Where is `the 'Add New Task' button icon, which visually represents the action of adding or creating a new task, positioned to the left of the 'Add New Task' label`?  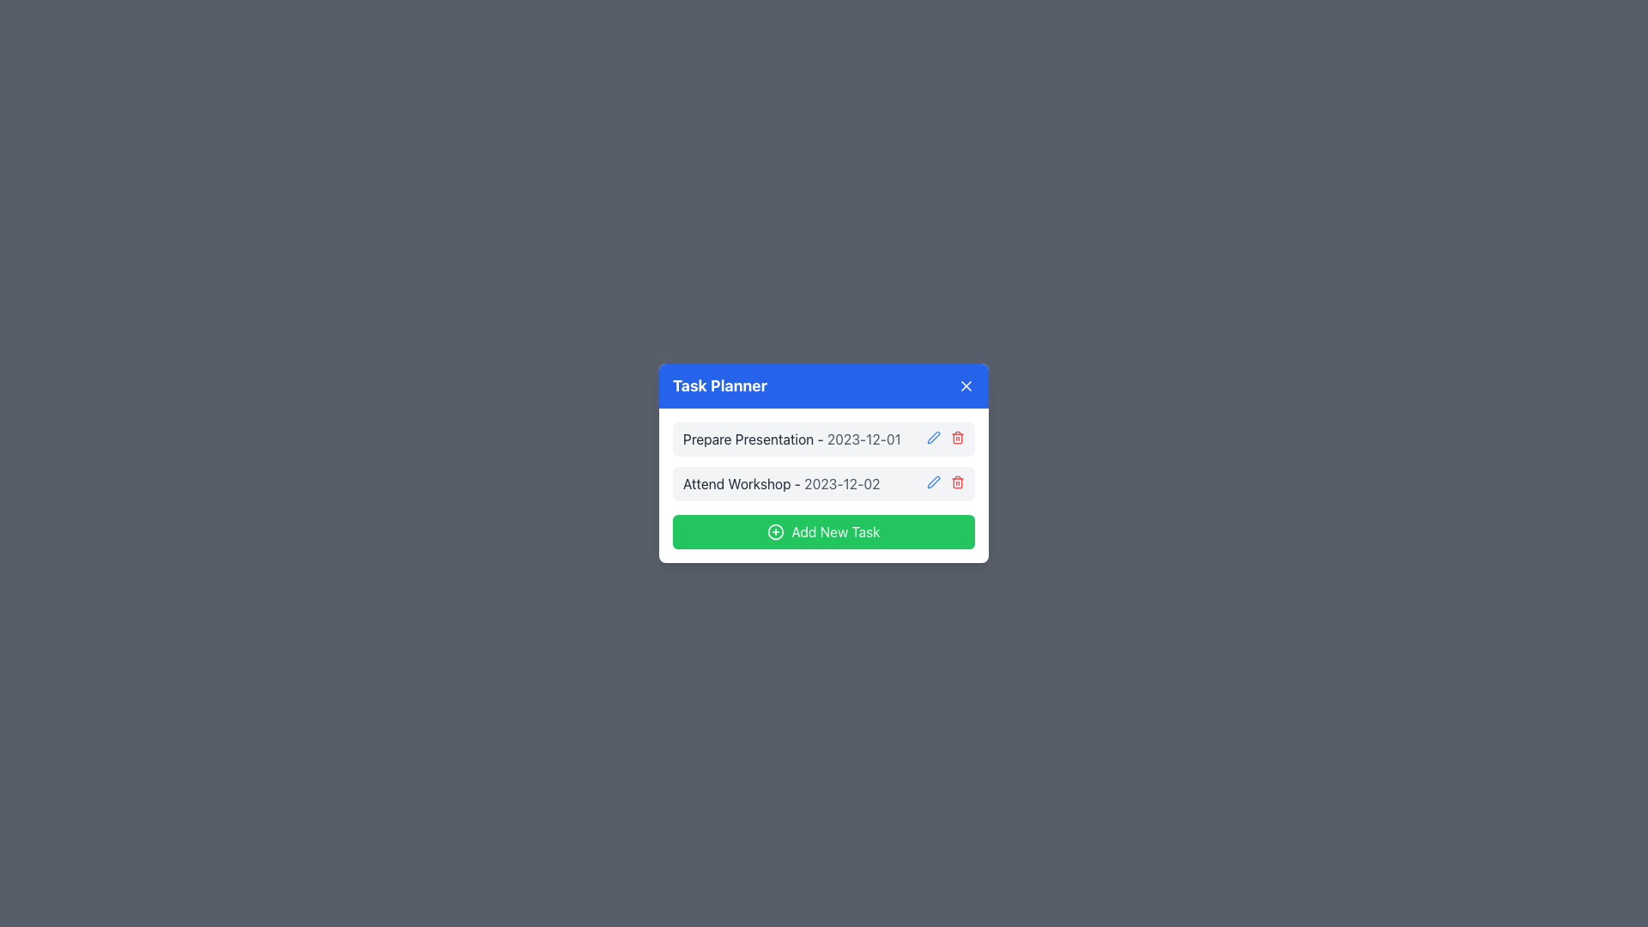 the 'Add New Task' button icon, which visually represents the action of adding or creating a new task, positioned to the left of the 'Add New Task' label is located at coordinates (775, 531).